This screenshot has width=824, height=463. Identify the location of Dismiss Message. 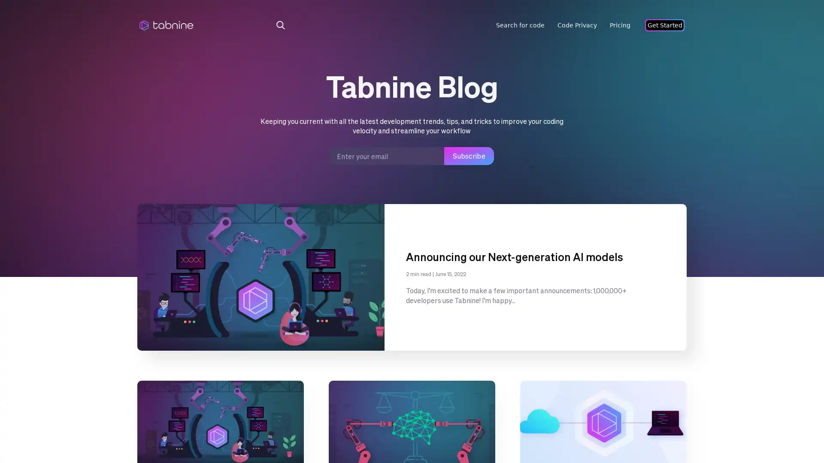
(779, 430).